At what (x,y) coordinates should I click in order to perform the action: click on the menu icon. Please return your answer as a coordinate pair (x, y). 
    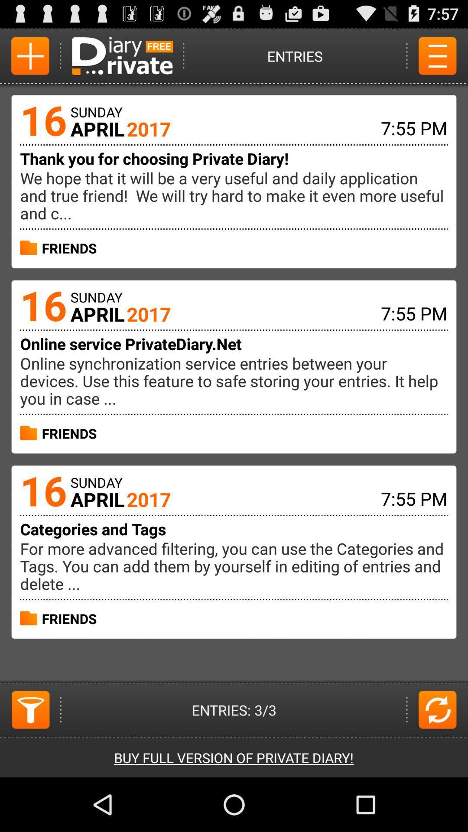
    Looking at the image, I should click on (437, 59).